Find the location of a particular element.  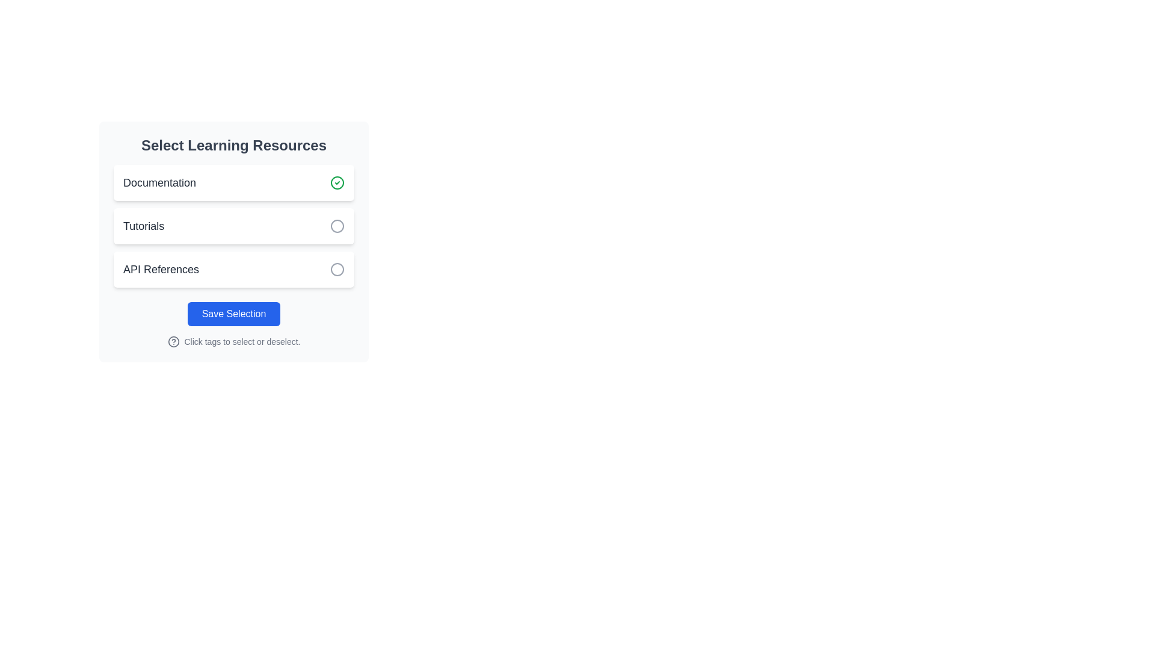

the circular radio button icon with a gray border located at the right end of the 'API References' option is located at coordinates (337, 268).